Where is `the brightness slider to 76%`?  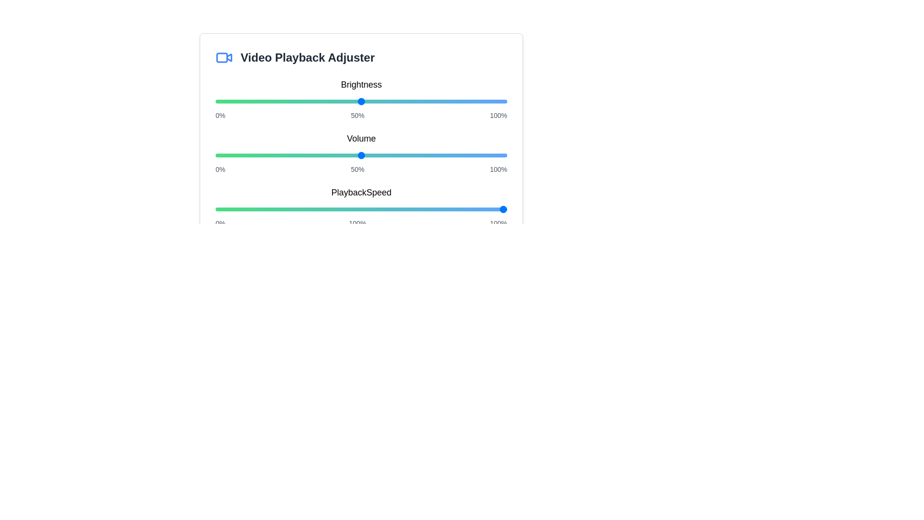 the brightness slider to 76% is located at coordinates (436, 102).